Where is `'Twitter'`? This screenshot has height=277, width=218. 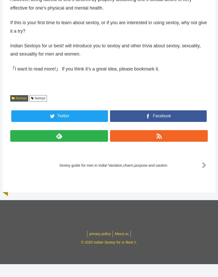
'Twitter' is located at coordinates (57, 118).